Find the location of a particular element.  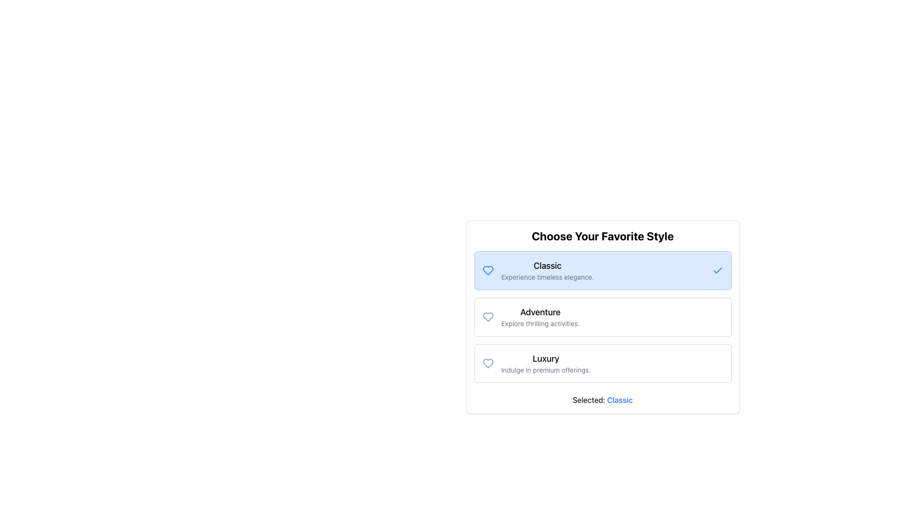

the static text label indicating the currently selected option, which displays 'Selected: Classic' at the bottom of the selection interface is located at coordinates (620, 400).